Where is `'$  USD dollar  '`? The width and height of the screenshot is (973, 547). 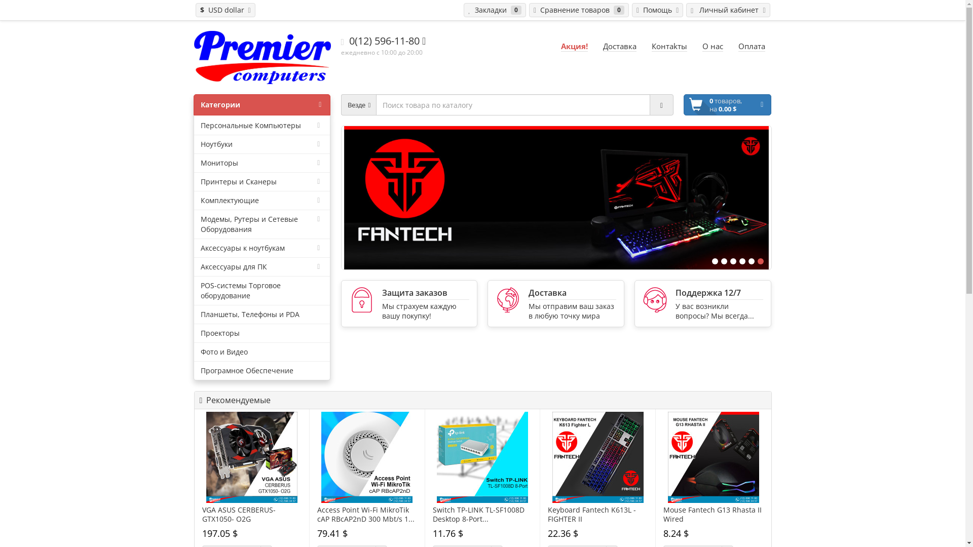 '$  USD dollar  ' is located at coordinates (225, 10).